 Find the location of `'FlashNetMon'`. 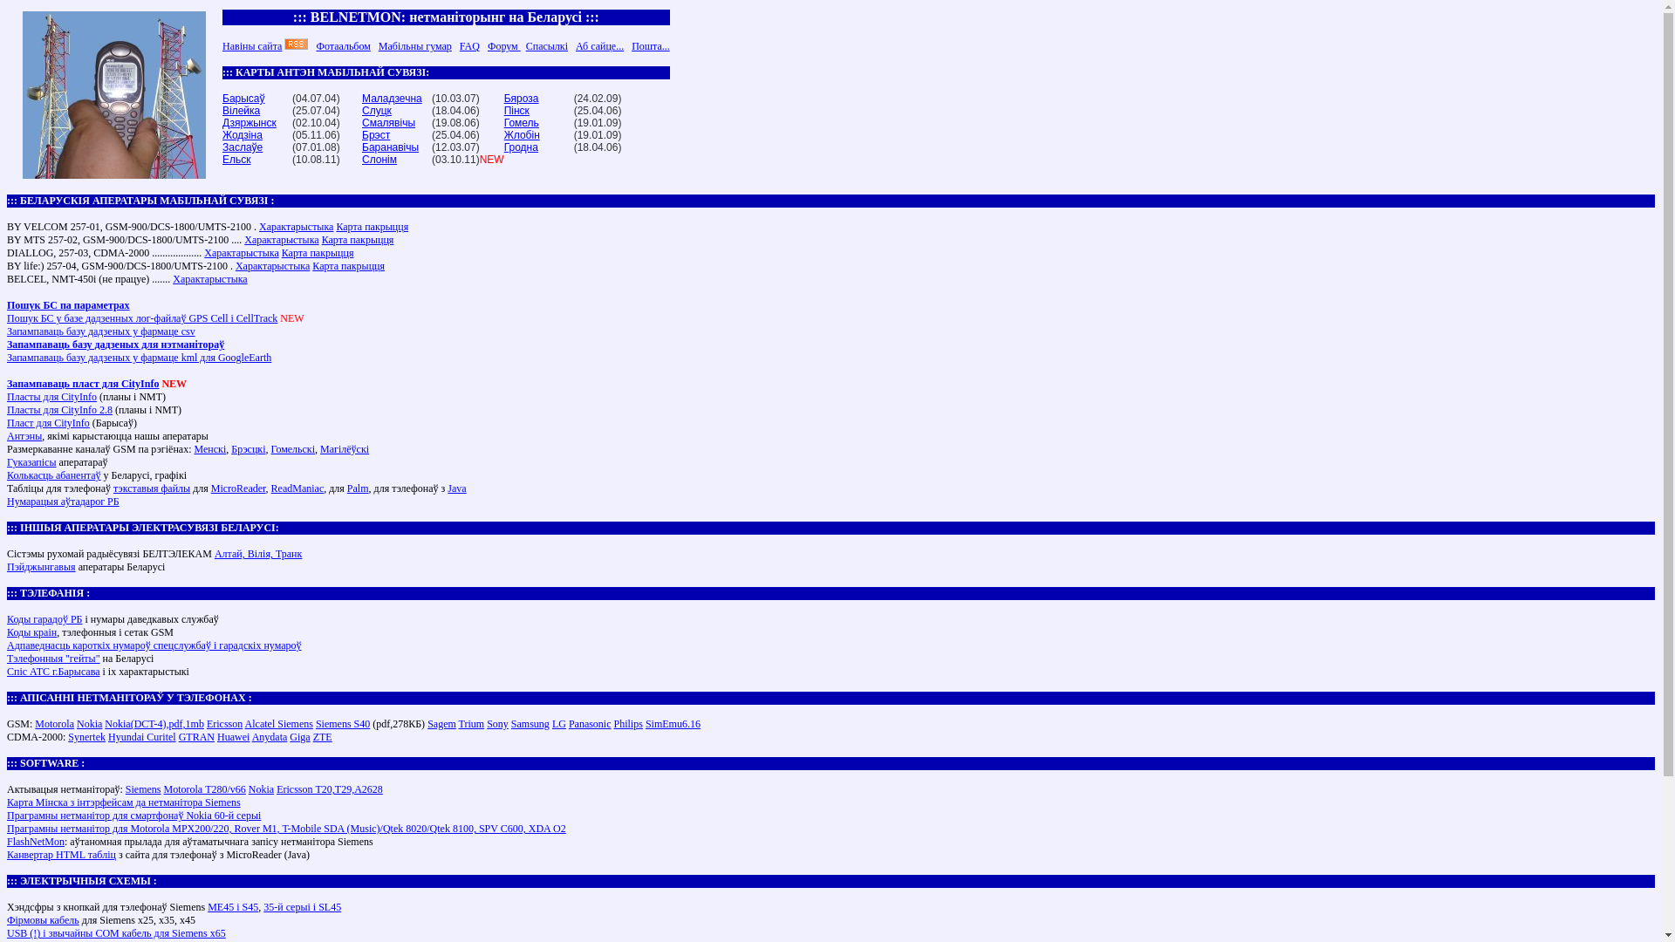

'FlashNetMon' is located at coordinates (7, 840).